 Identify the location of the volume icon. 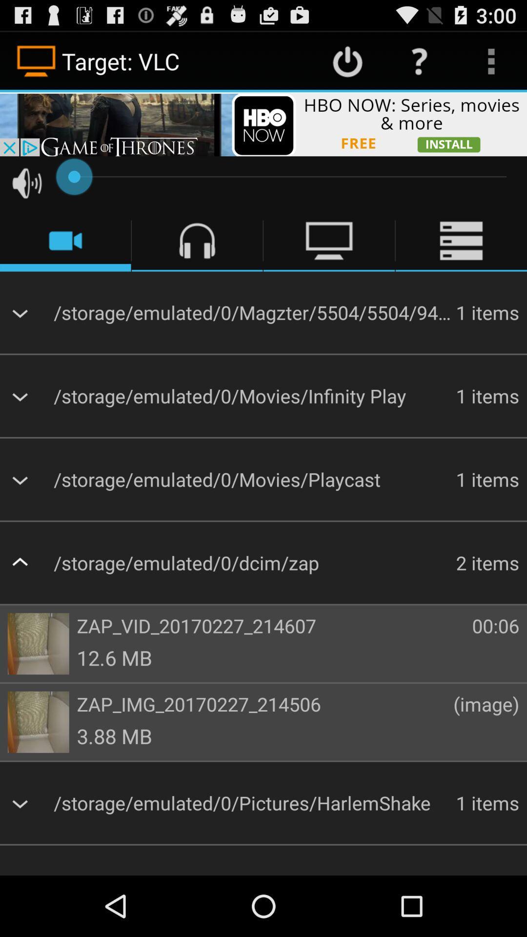
(26, 195).